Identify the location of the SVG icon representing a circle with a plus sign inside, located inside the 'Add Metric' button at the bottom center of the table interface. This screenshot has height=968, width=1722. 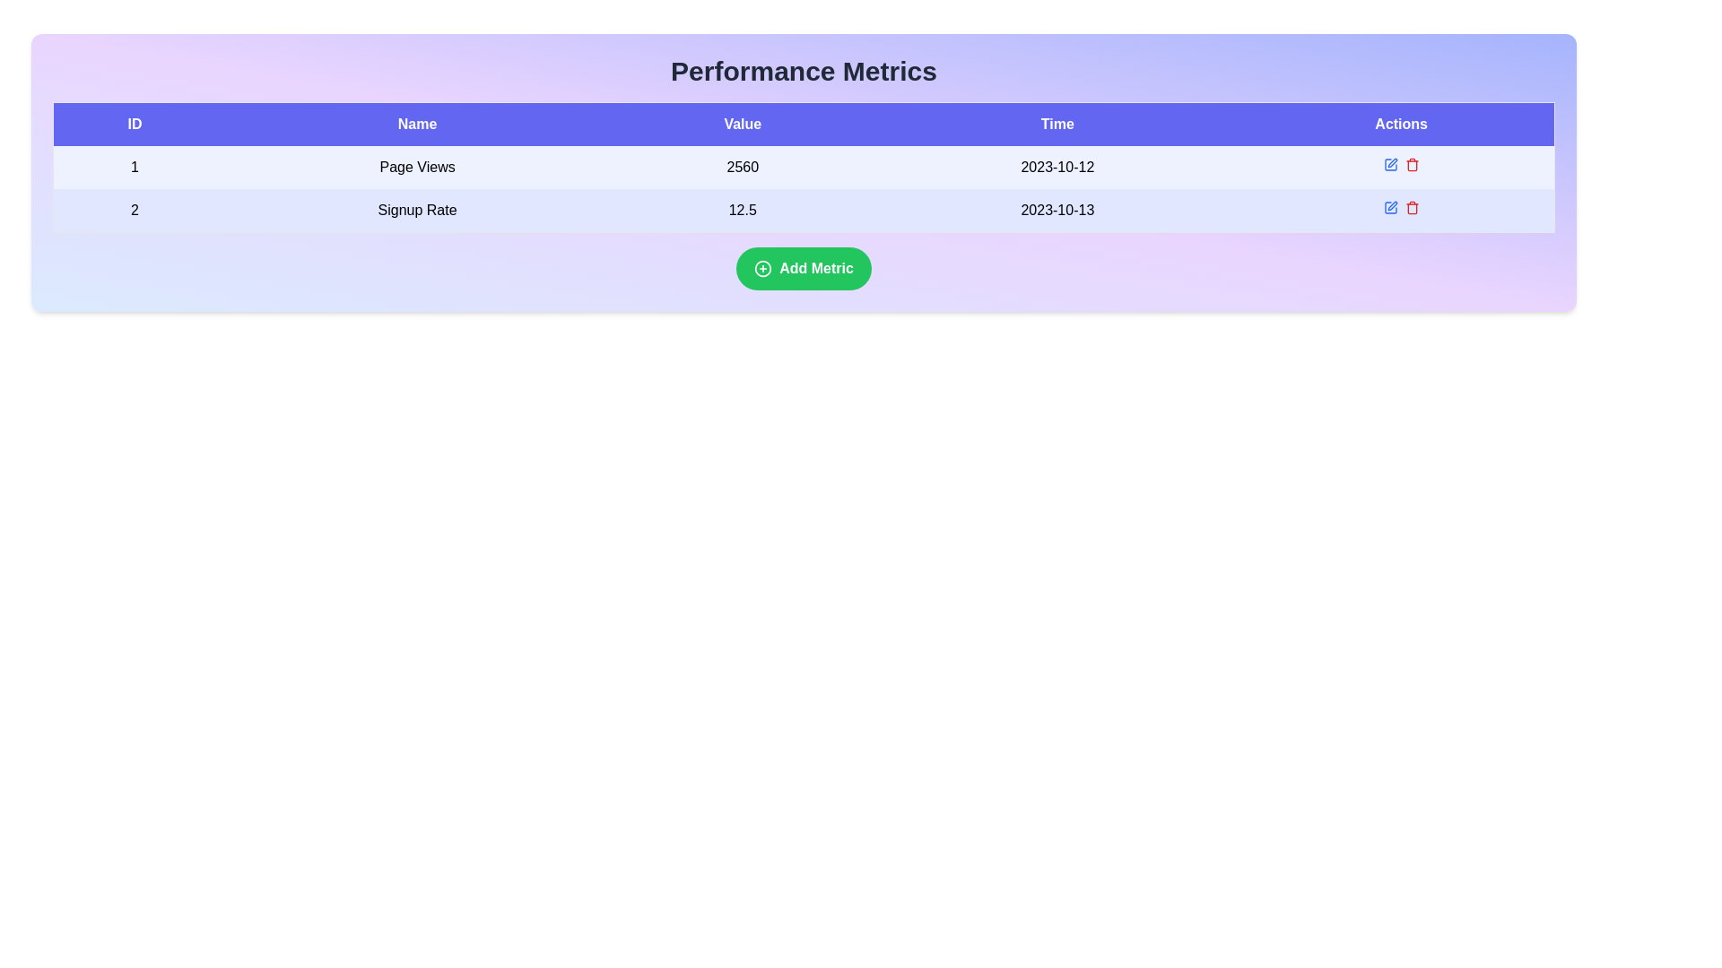
(763, 269).